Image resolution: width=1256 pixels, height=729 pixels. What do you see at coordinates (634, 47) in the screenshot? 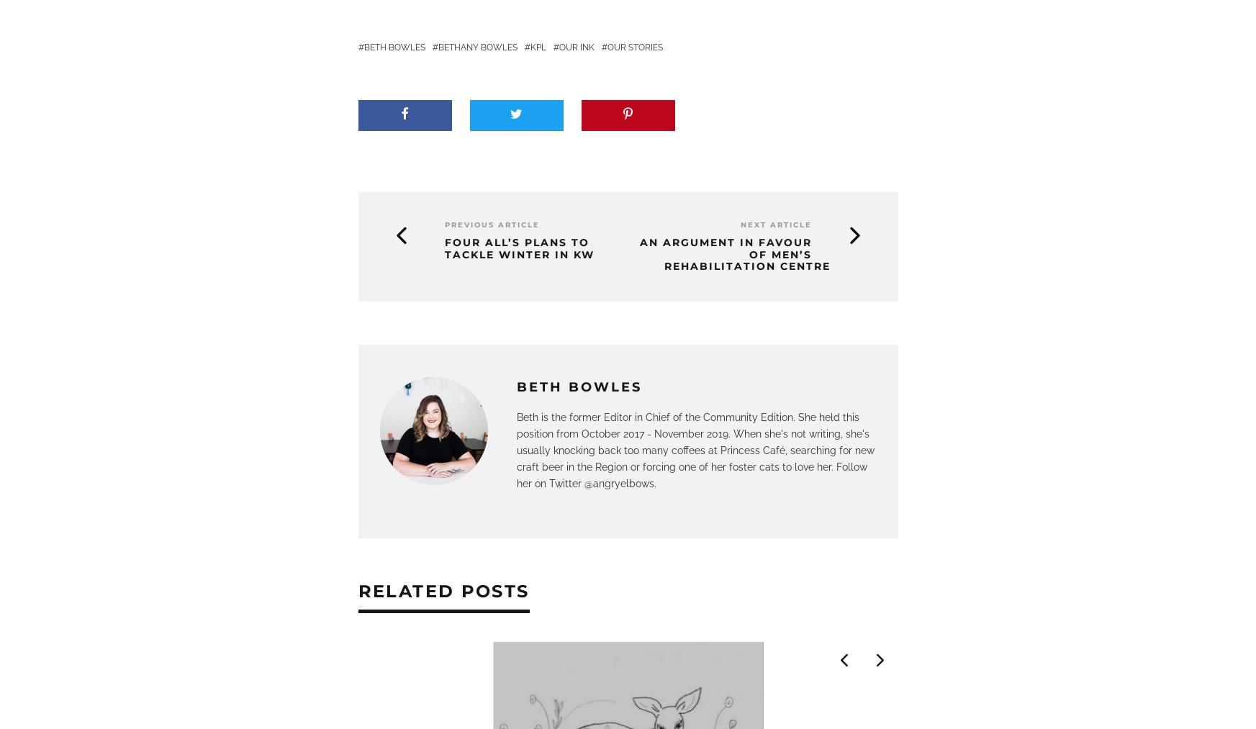
I see `'Our Stories'` at bounding box center [634, 47].